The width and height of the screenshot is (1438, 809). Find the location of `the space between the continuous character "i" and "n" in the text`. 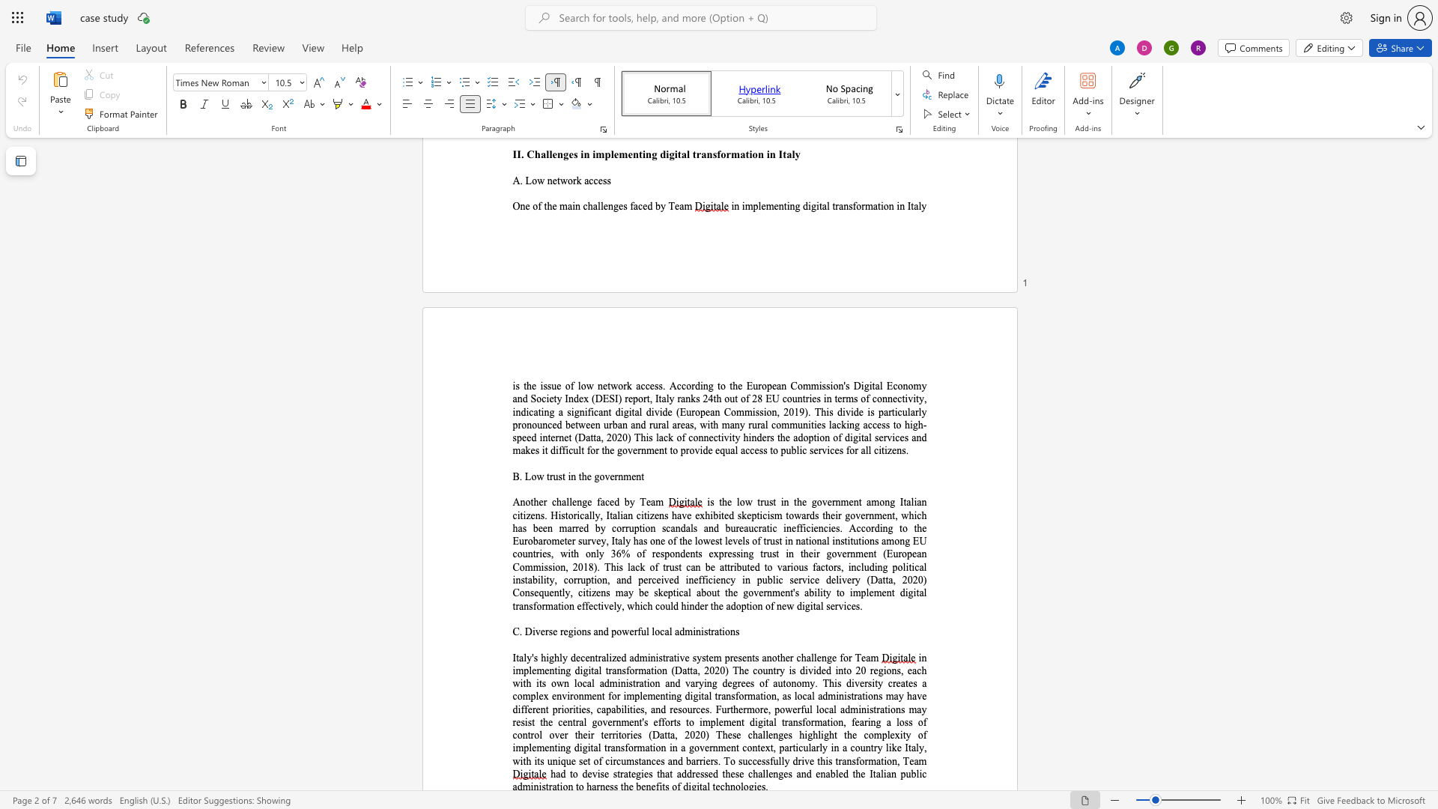

the space between the continuous character "i" and "n" in the text is located at coordinates (571, 476).